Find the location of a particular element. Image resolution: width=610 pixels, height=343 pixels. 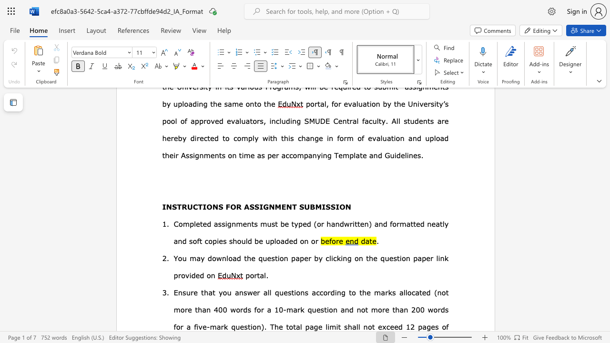

the subset text "stion and not more than 200 word" within the text "(not more than 400 words for a 10-mark question and not more than 200 words for a five-mark question). The tot" is located at coordinates (320, 310).